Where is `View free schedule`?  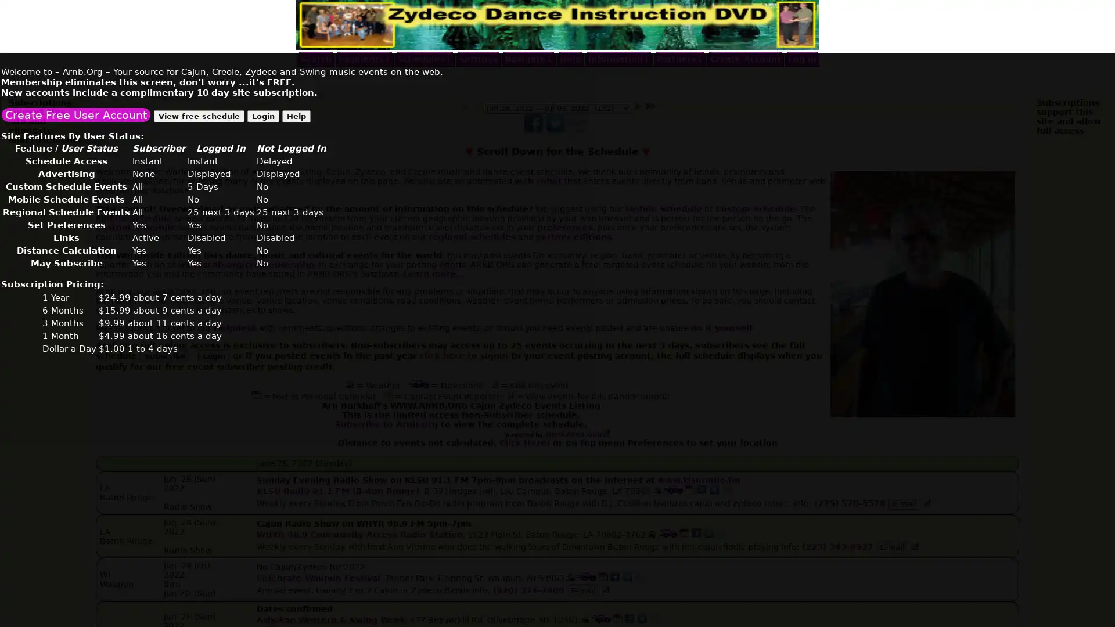 View free schedule is located at coordinates (199, 116).